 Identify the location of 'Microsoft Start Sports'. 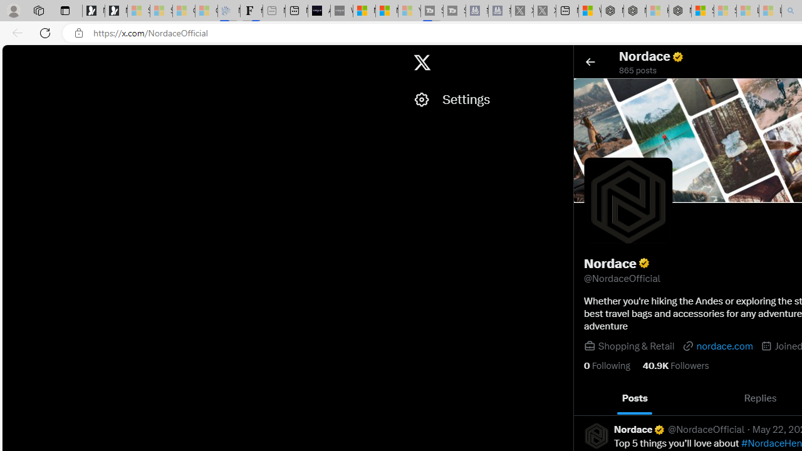
(363, 11).